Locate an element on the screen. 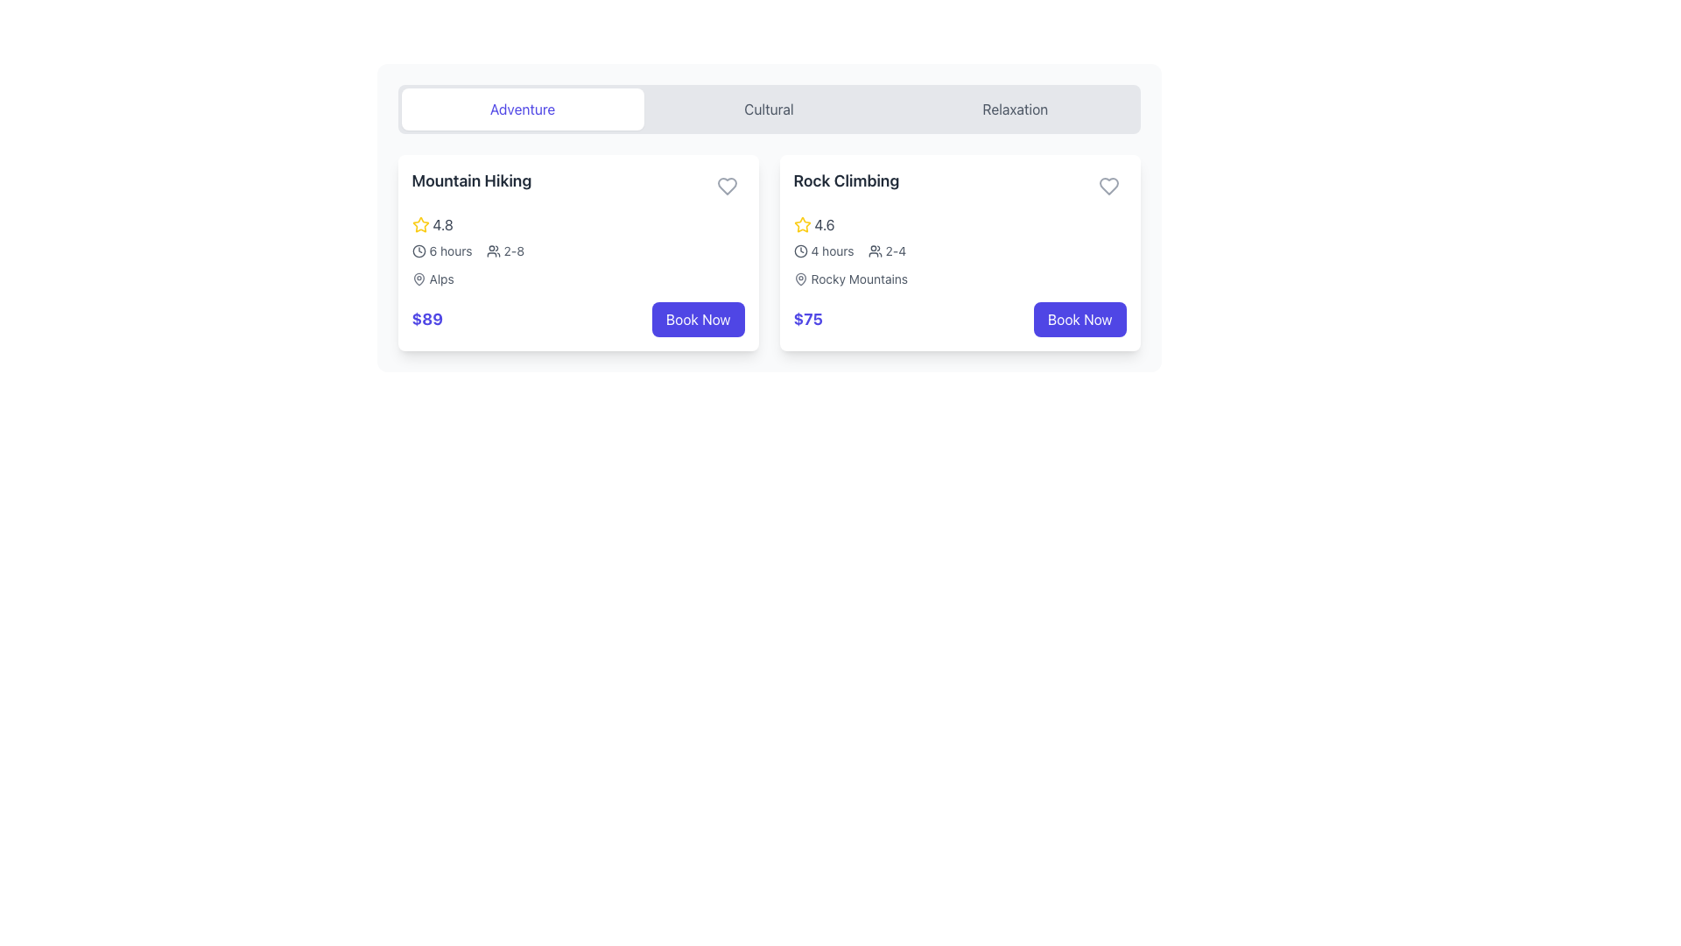 The height and width of the screenshot is (946, 1681). the 'Relaxation' button, the rightmost button in a group of three, to observe the hover effect is located at coordinates (1015, 109).